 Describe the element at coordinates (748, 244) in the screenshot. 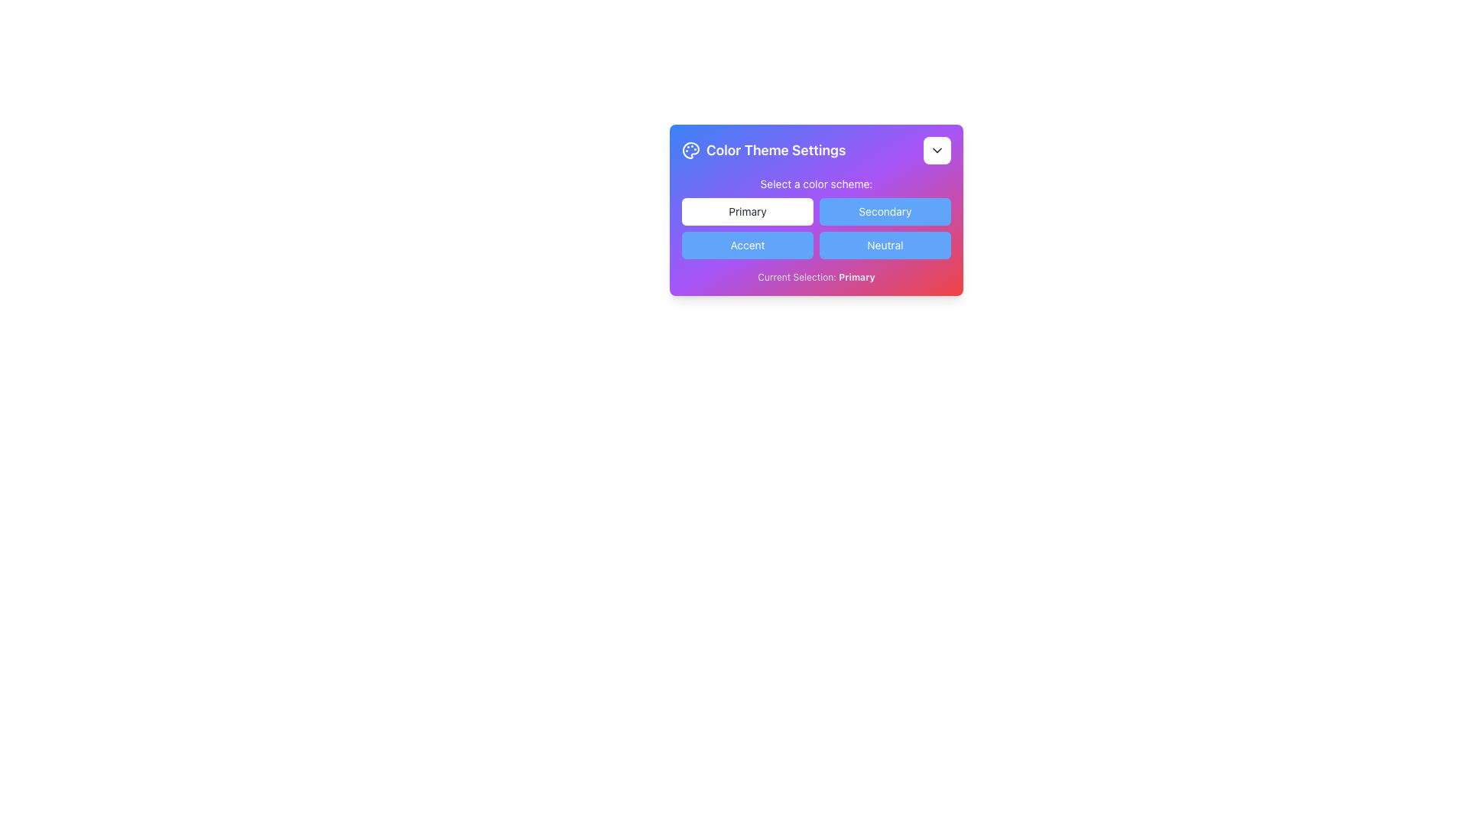

I see `the 'Accent' button, which is a rectangular button with a blue background and white text, located in the bottom-left position of a grid of four buttons labeled 'Primary', 'Secondary', 'Accent', and 'Neutral'` at that location.